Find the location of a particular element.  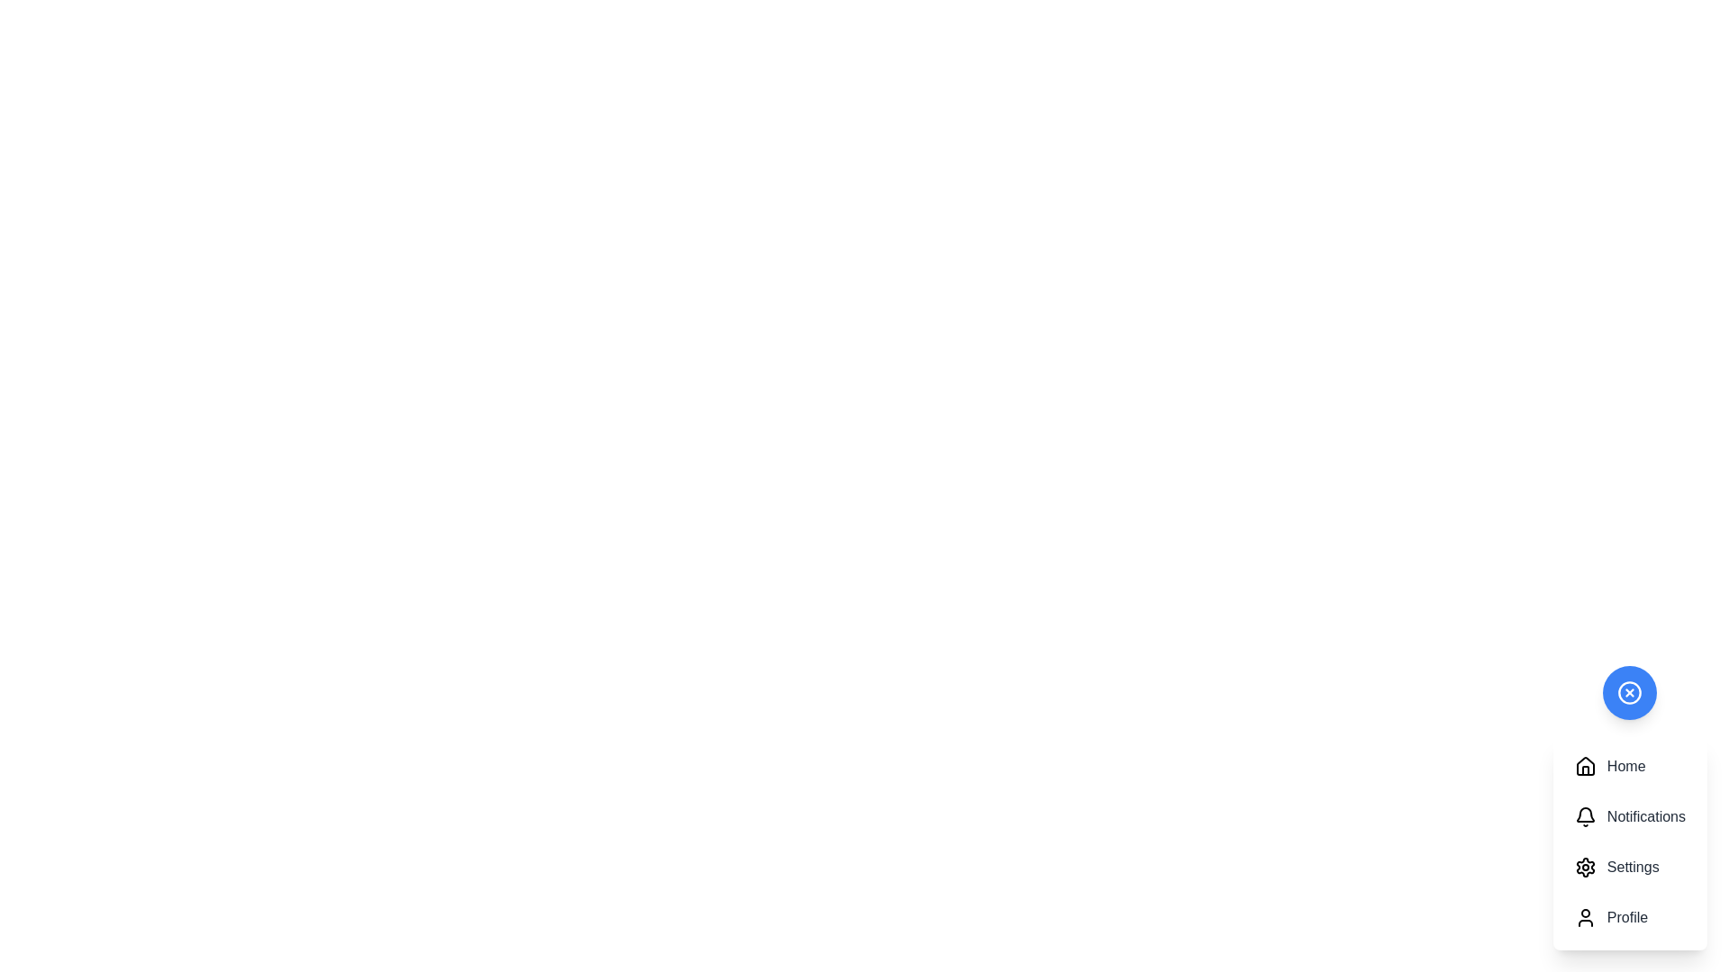

the Home button of the speed dial is located at coordinates (1629, 767).